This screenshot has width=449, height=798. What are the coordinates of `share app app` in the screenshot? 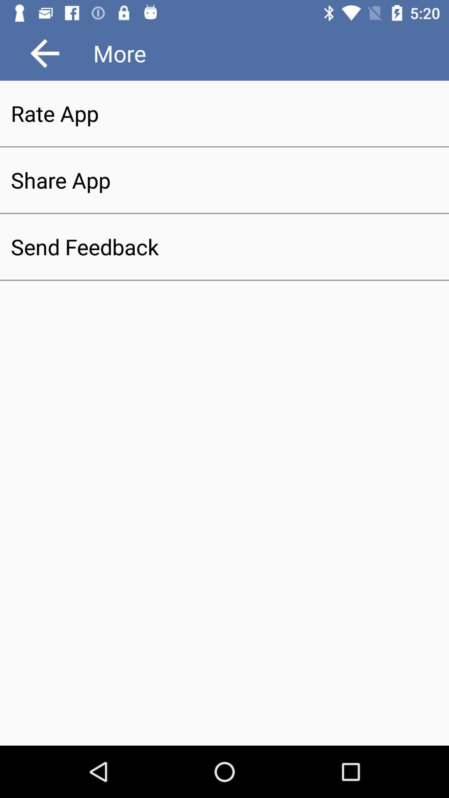 It's located at (224, 180).